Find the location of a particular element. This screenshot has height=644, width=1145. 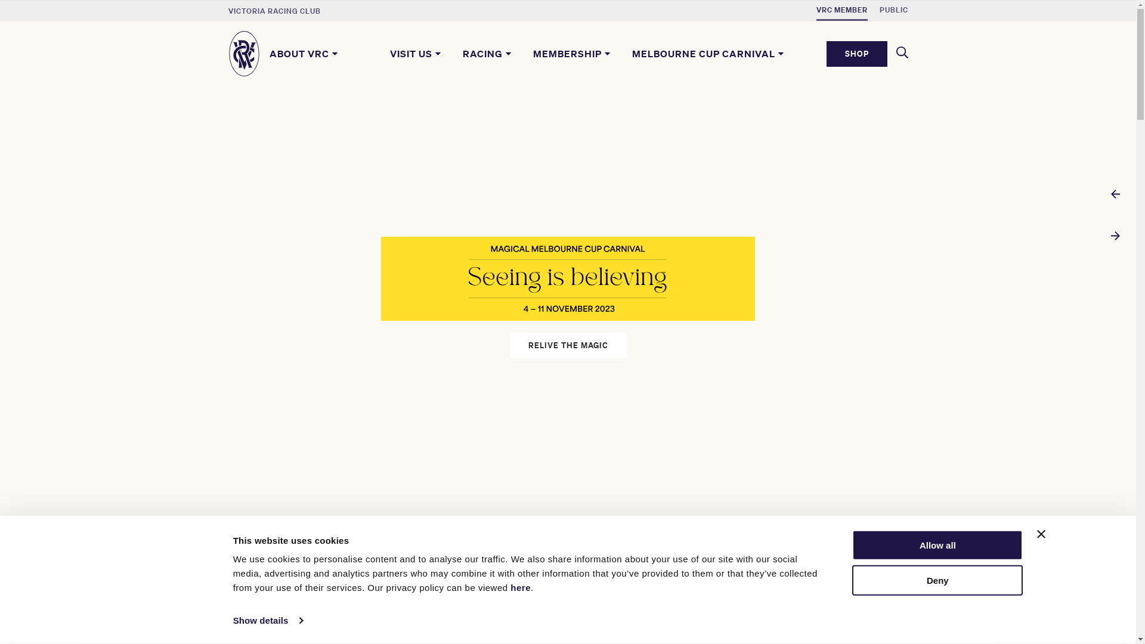

'here' is located at coordinates (521, 587).